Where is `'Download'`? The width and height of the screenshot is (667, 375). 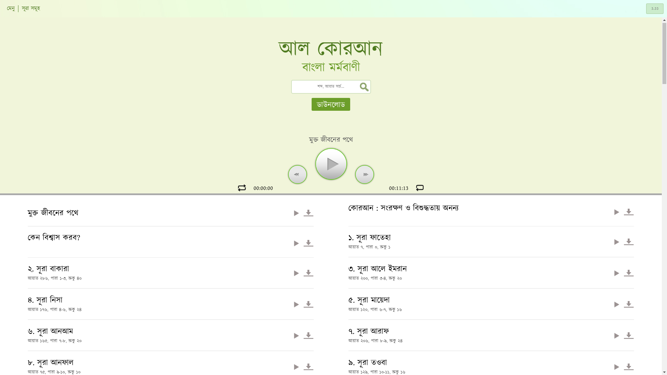
'Download' is located at coordinates (624, 304).